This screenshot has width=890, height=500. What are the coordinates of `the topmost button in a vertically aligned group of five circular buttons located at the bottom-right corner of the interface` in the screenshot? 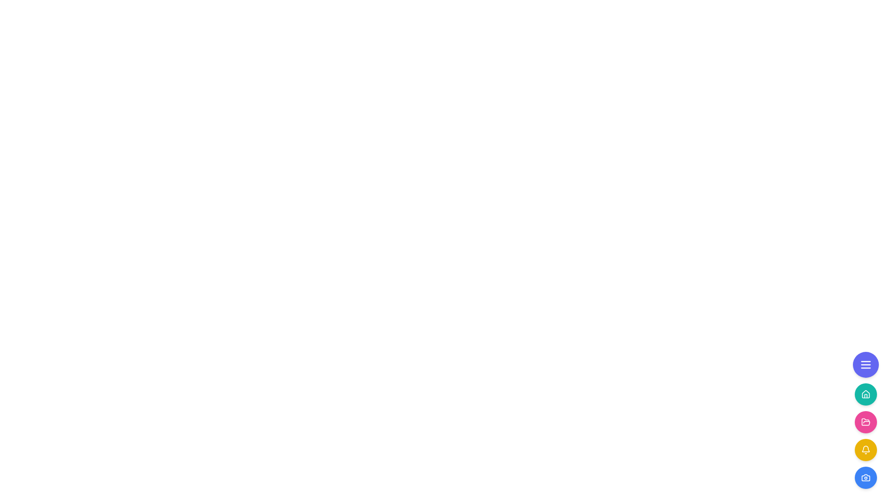 It's located at (865, 364).